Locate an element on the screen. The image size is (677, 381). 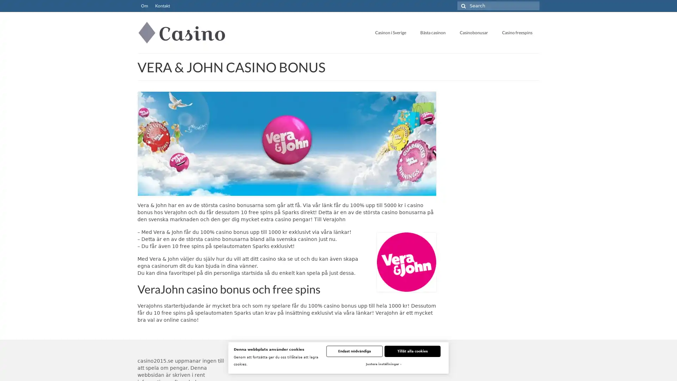
Tillat alla cookies is located at coordinates (412, 351).